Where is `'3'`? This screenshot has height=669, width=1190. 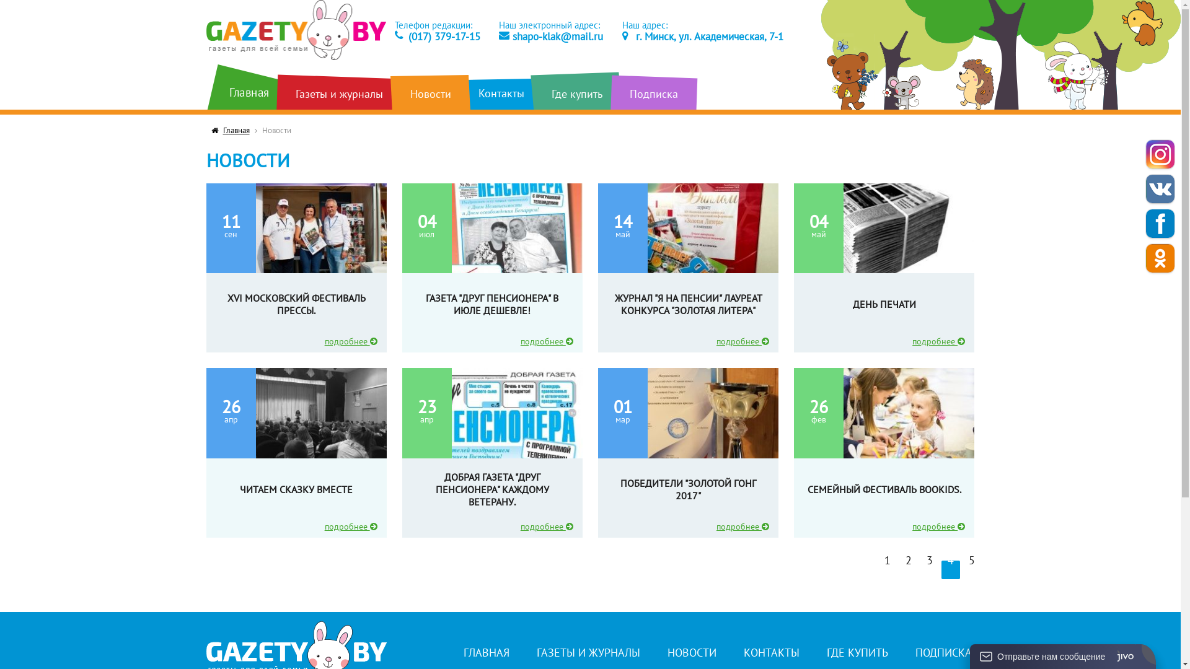
'3' is located at coordinates (920, 570).